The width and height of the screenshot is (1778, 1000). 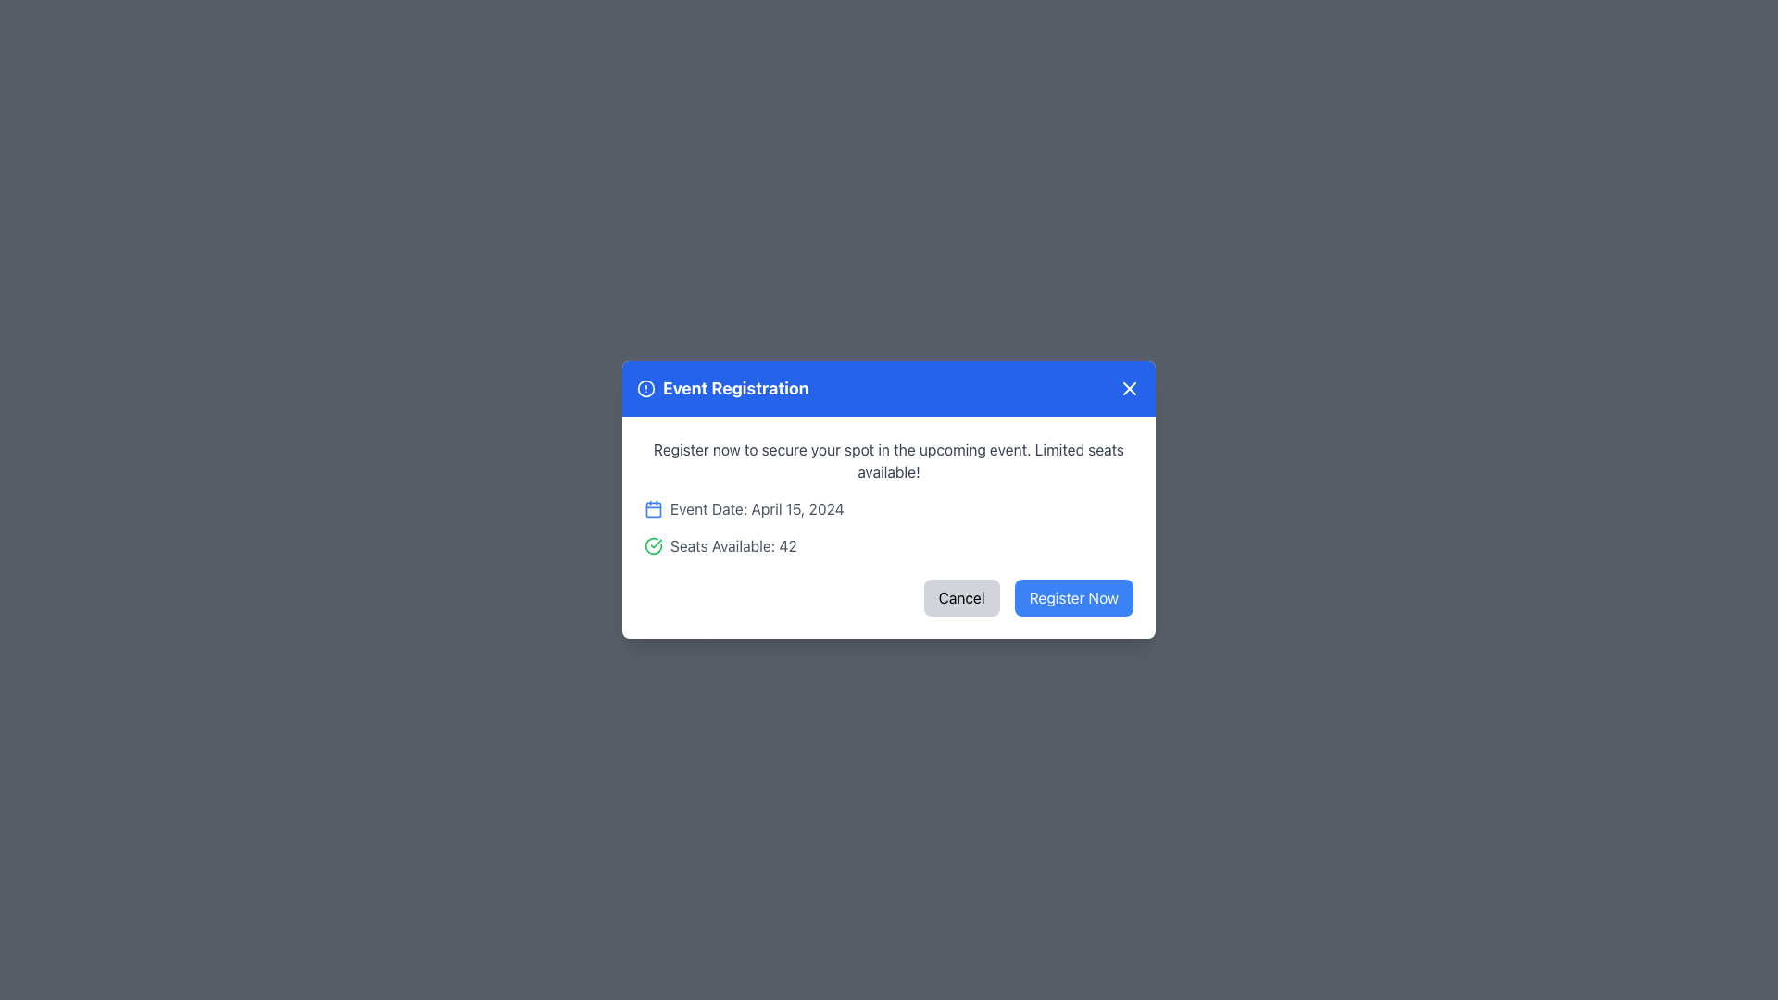 What do you see at coordinates (653, 545) in the screenshot?
I see `the positive confirmation icon indicating seat availability, located to the left of the text 'Seats Available: 42'` at bounding box center [653, 545].